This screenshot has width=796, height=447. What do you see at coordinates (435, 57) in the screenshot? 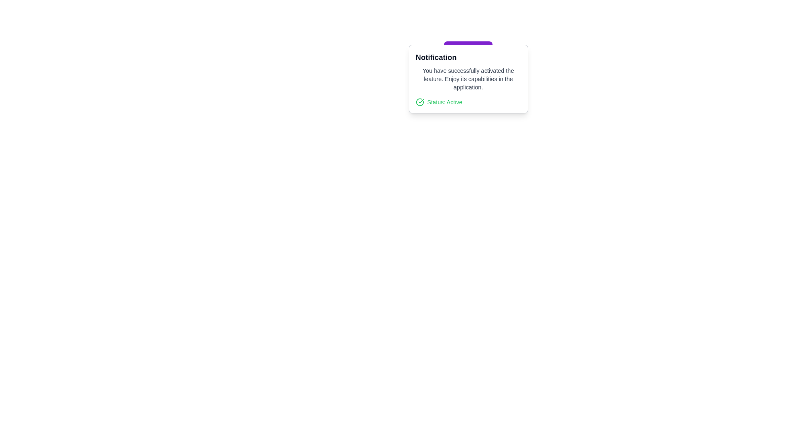
I see `bold text label that reads 'Notification', located at the top of the notification card` at bounding box center [435, 57].